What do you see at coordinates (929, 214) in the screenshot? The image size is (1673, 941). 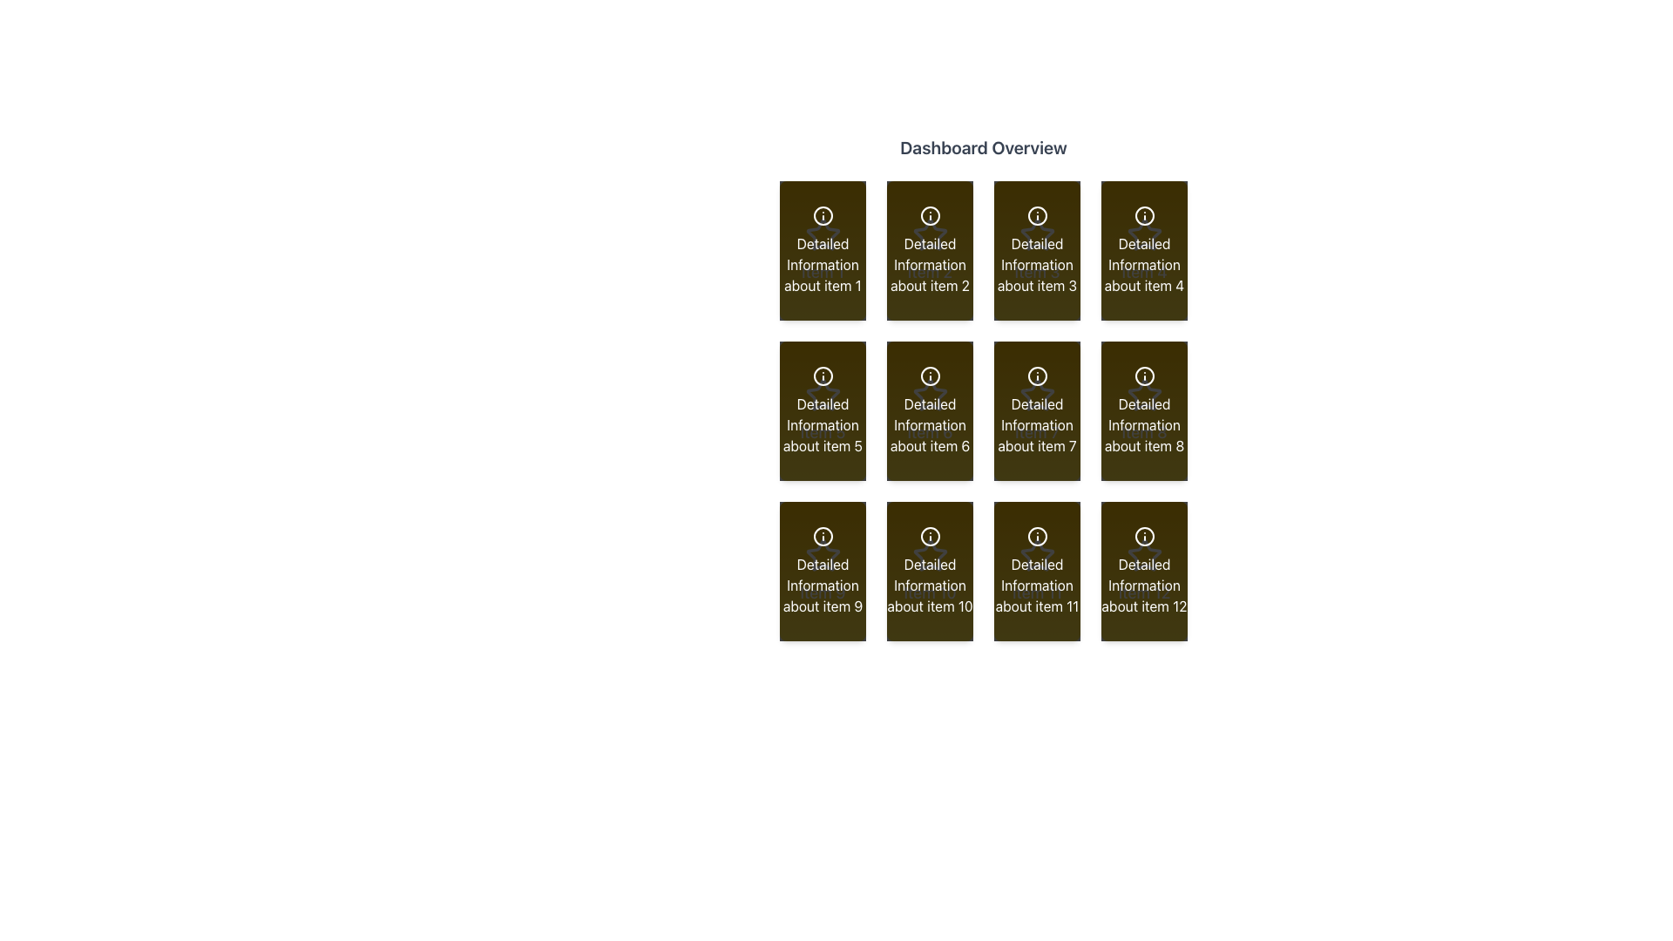 I see `the informational icon in the second tile of the first row under 'Dashboard Overview'` at bounding box center [929, 214].